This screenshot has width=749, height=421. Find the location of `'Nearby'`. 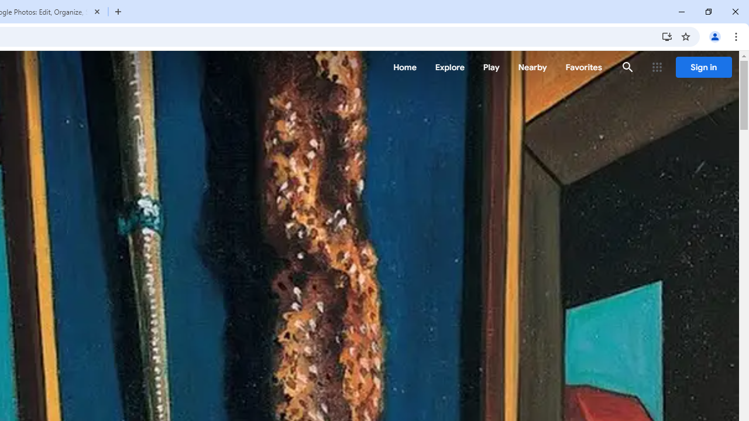

'Nearby' is located at coordinates (532, 67).